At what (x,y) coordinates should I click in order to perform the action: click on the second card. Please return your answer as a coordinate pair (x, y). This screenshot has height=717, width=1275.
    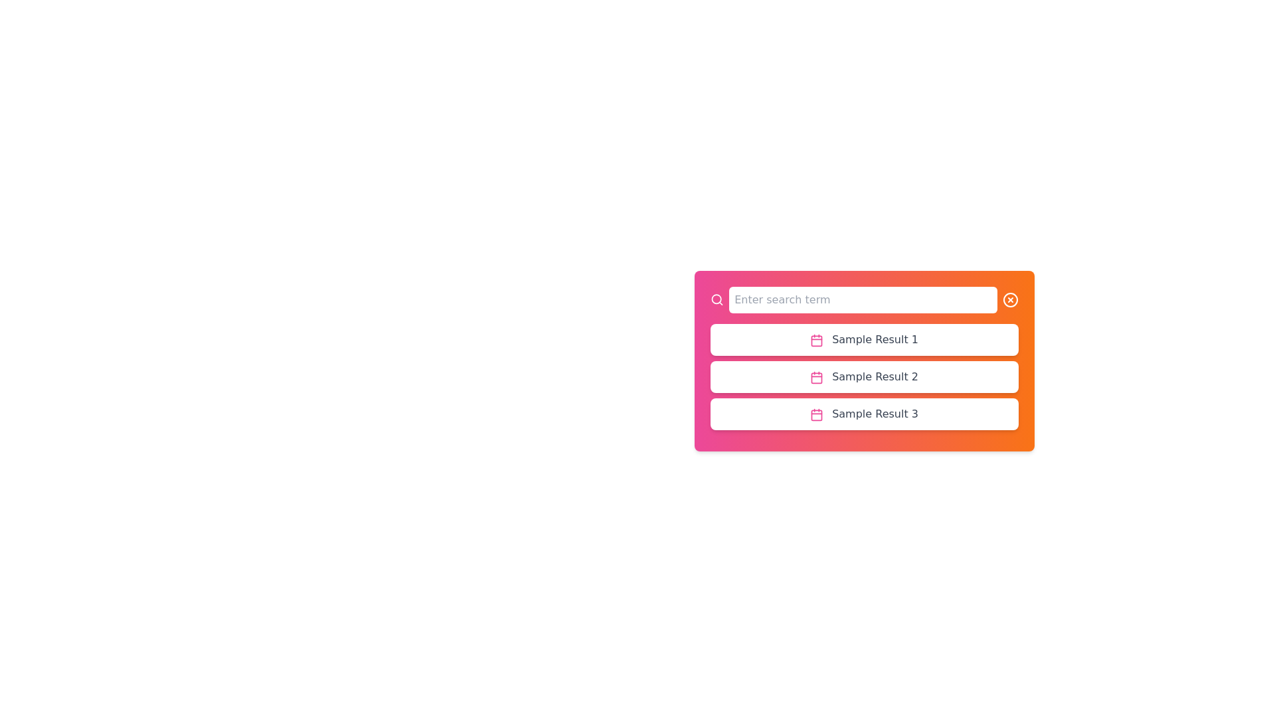
    Looking at the image, I should click on (864, 376).